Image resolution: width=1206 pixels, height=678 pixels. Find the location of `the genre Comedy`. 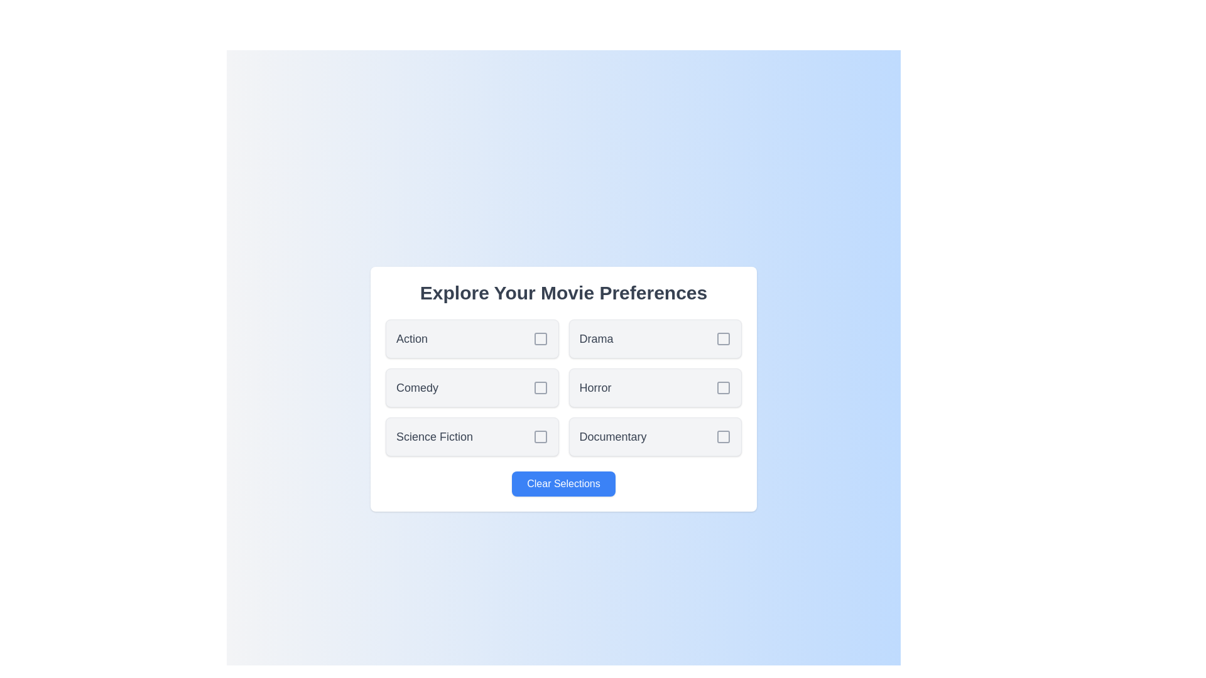

the genre Comedy is located at coordinates (471, 387).